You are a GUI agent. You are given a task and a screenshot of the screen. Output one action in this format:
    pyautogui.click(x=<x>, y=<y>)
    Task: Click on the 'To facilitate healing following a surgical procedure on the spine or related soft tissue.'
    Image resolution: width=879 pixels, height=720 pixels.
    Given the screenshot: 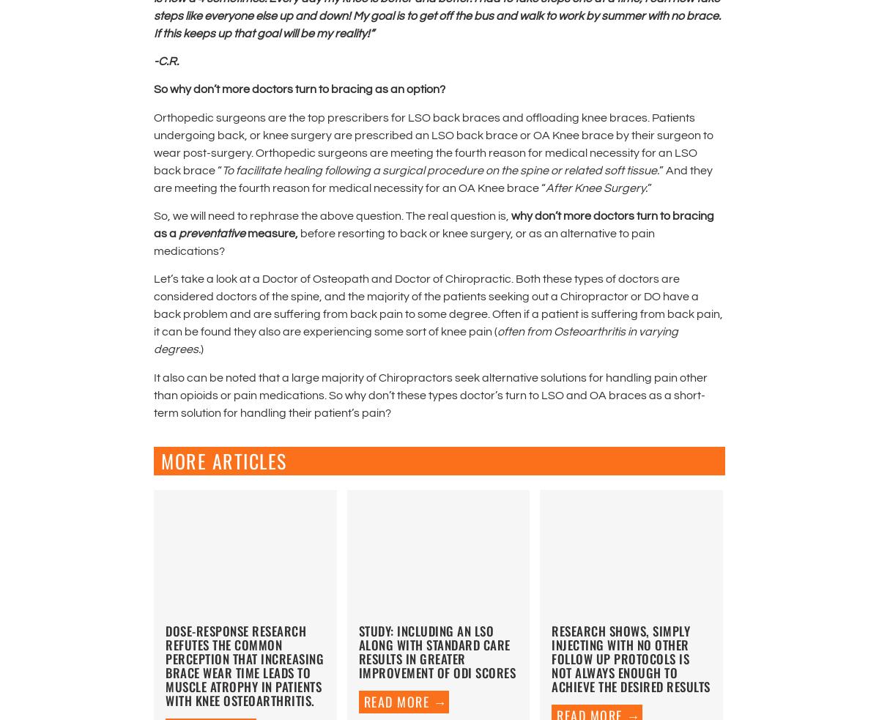 What is the action you would take?
    pyautogui.click(x=440, y=169)
    